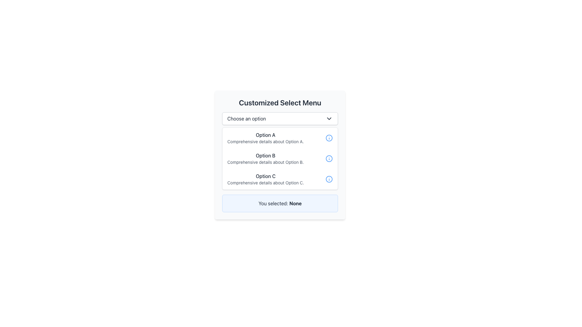 The height and width of the screenshot is (327, 582). I want to click on the bold text label that indicates the current selection status, which reads 'You selected: None', so click(295, 203).